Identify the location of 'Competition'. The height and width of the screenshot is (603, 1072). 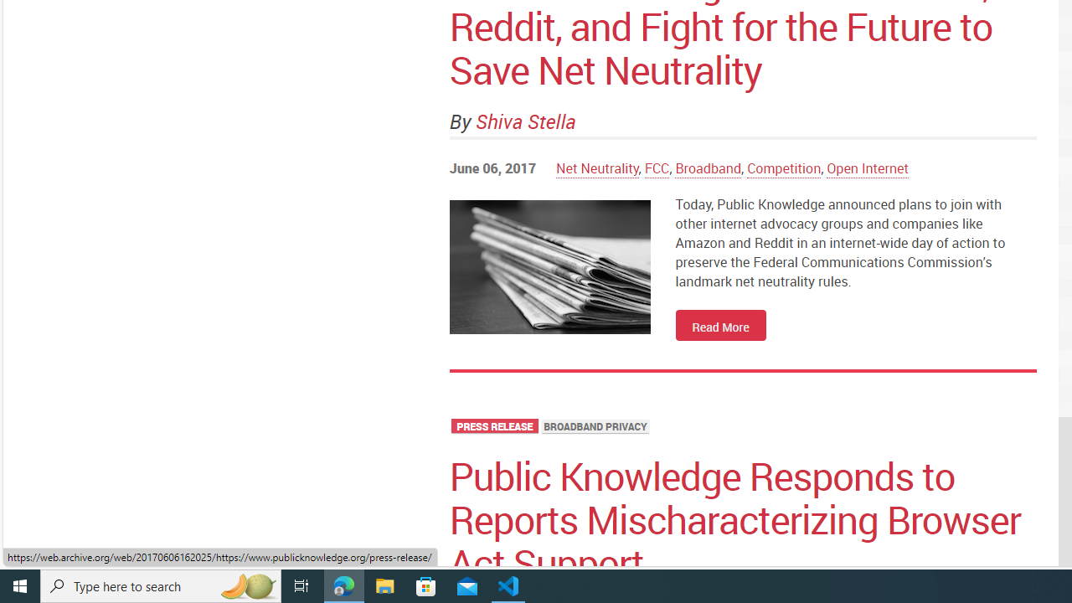
(783, 167).